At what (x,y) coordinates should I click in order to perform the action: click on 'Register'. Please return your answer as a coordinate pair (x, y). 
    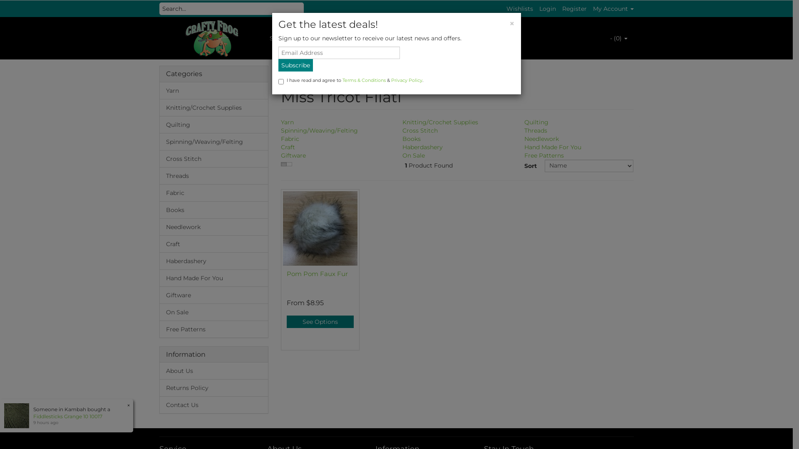
    Looking at the image, I should click on (573, 8).